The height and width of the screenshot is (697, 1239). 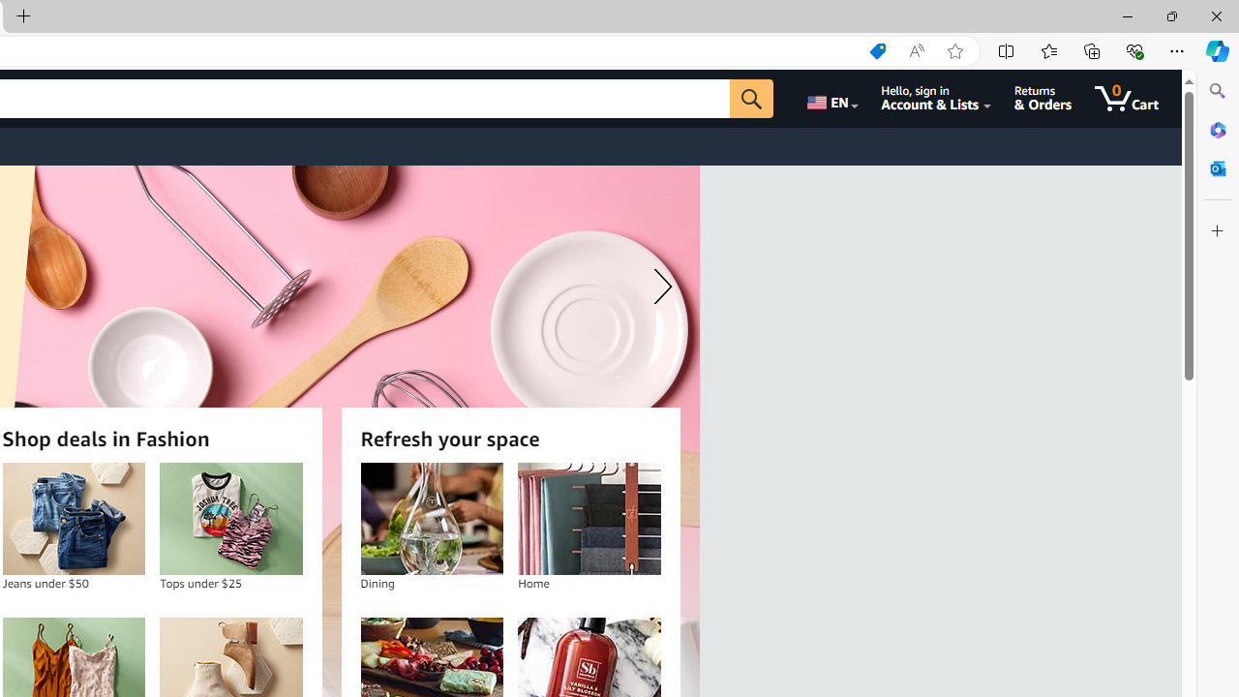 What do you see at coordinates (431, 518) in the screenshot?
I see `'Dining'` at bounding box center [431, 518].